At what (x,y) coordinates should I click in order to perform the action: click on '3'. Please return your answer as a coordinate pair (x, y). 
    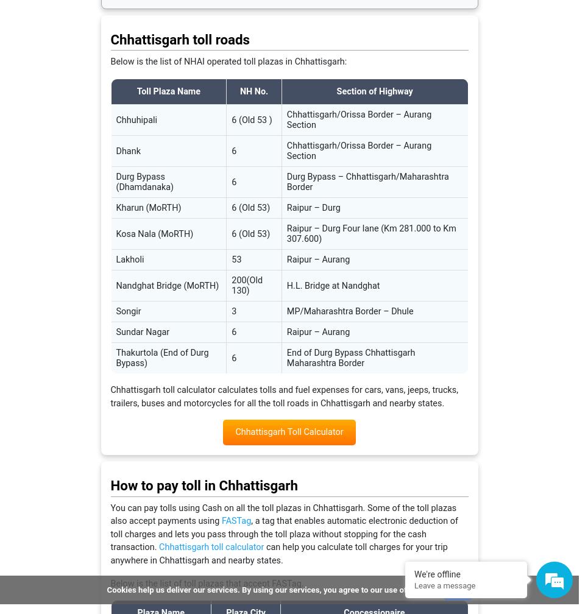
    Looking at the image, I should click on (233, 311).